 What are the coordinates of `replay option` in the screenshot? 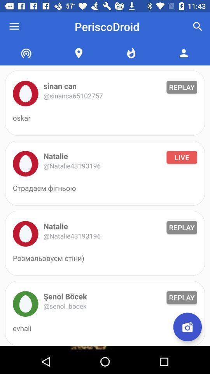 It's located at (25, 93).